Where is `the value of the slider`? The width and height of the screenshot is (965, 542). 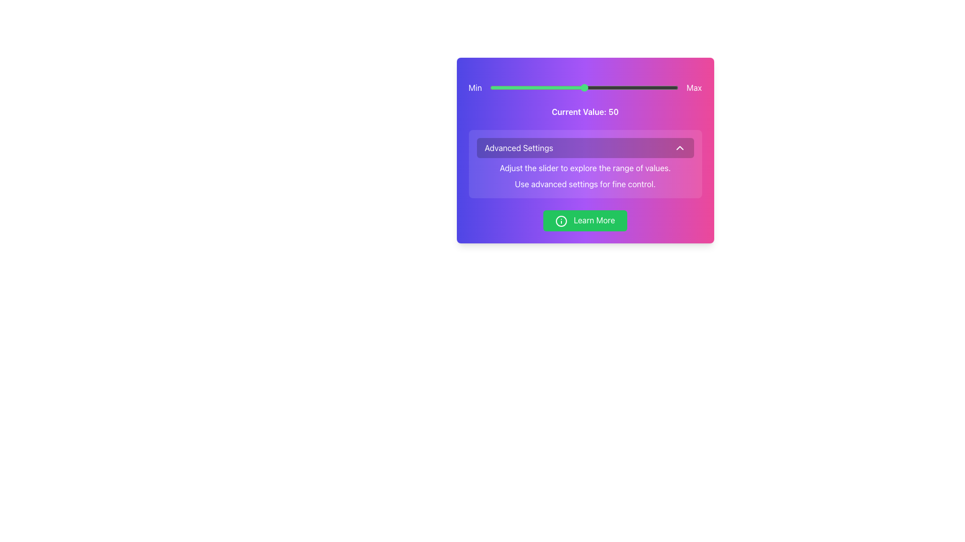
the value of the slider is located at coordinates (612, 87).